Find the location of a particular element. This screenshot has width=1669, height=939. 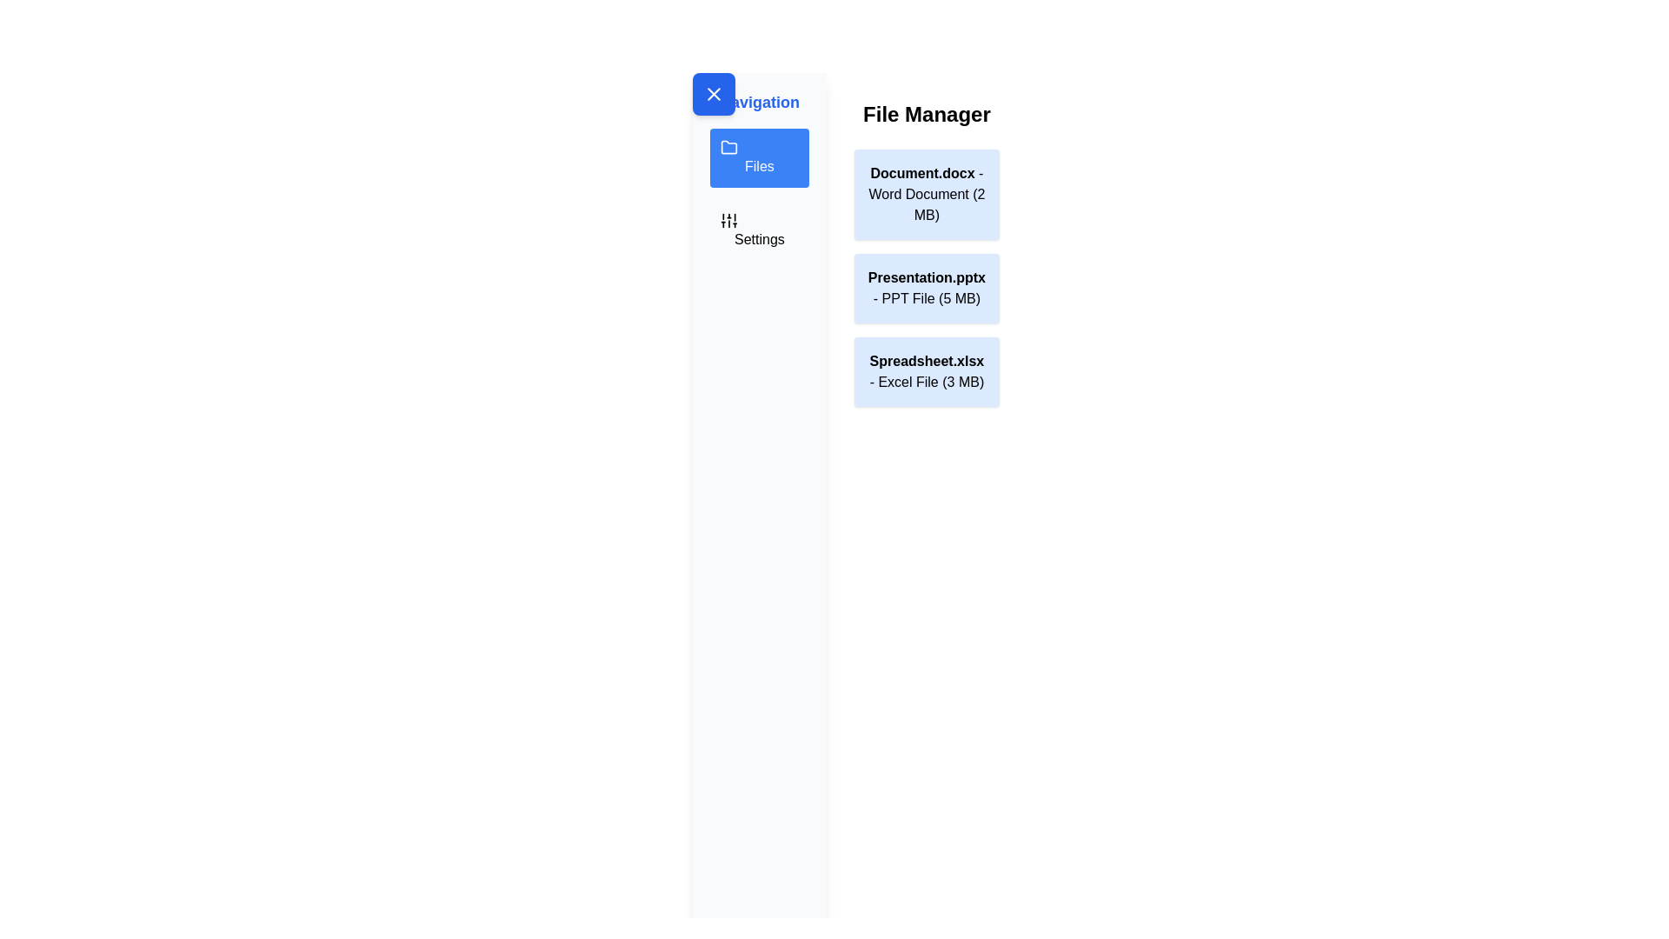

the first file entry in the file manager interface, which displays the file's name, type, and size, positioned above 'Presentation.pptx' and 'Spreadsheet.xlsx' is located at coordinates (926, 194).